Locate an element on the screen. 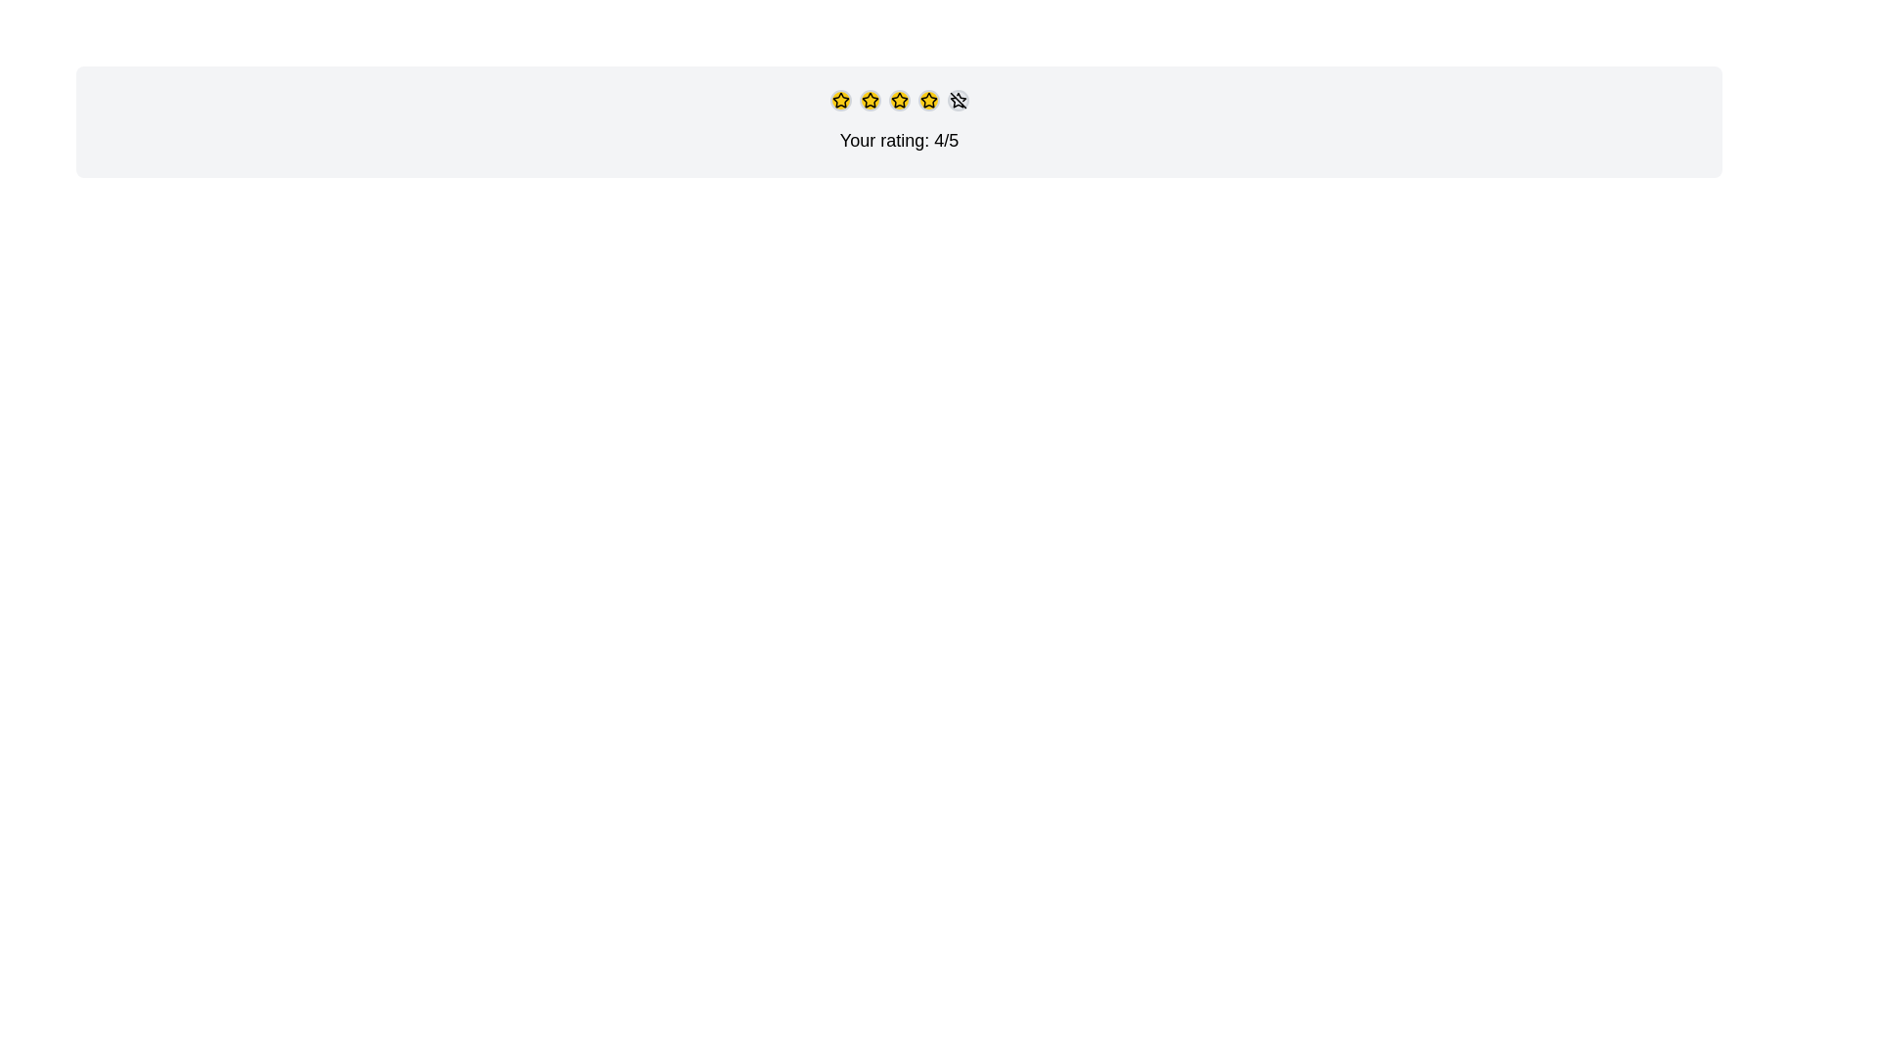  the interactive star icon with a yellow background and outlined star symbol is located at coordinates (869, 101).